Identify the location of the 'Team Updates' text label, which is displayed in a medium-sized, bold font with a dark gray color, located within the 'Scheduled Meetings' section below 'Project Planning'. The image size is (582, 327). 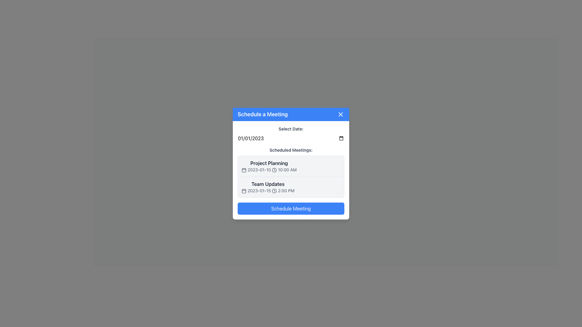
(268, 183).